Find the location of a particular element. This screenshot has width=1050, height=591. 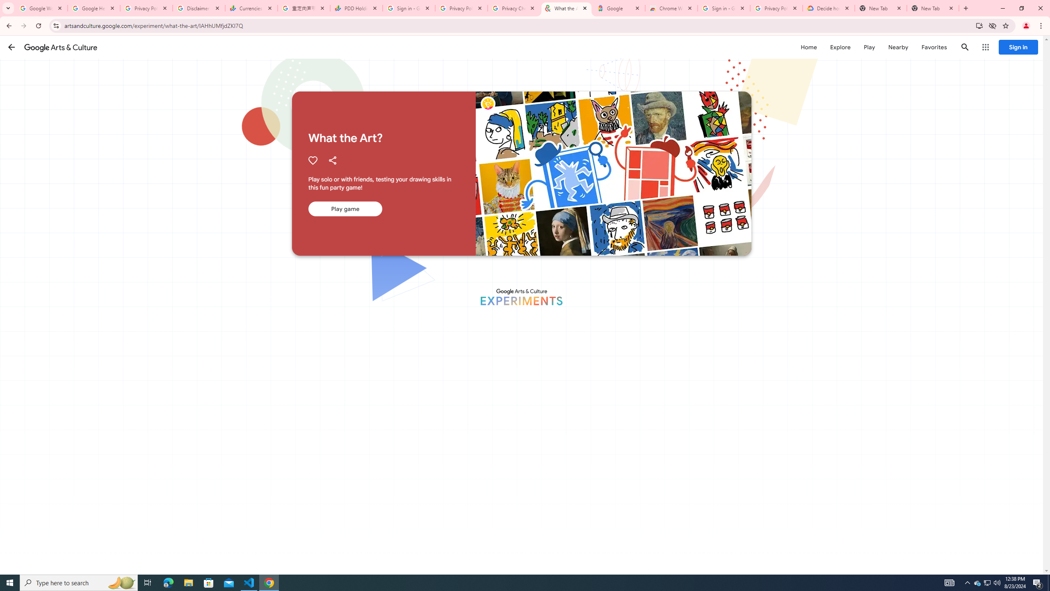

'Explore' is located at coordinates (840, 47).